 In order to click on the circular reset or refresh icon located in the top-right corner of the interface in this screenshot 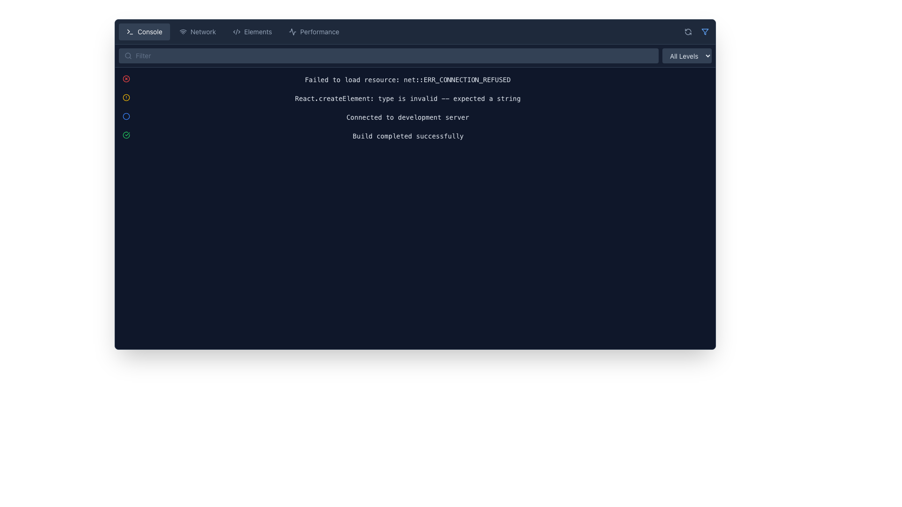, I will do `click(688, 31)`.